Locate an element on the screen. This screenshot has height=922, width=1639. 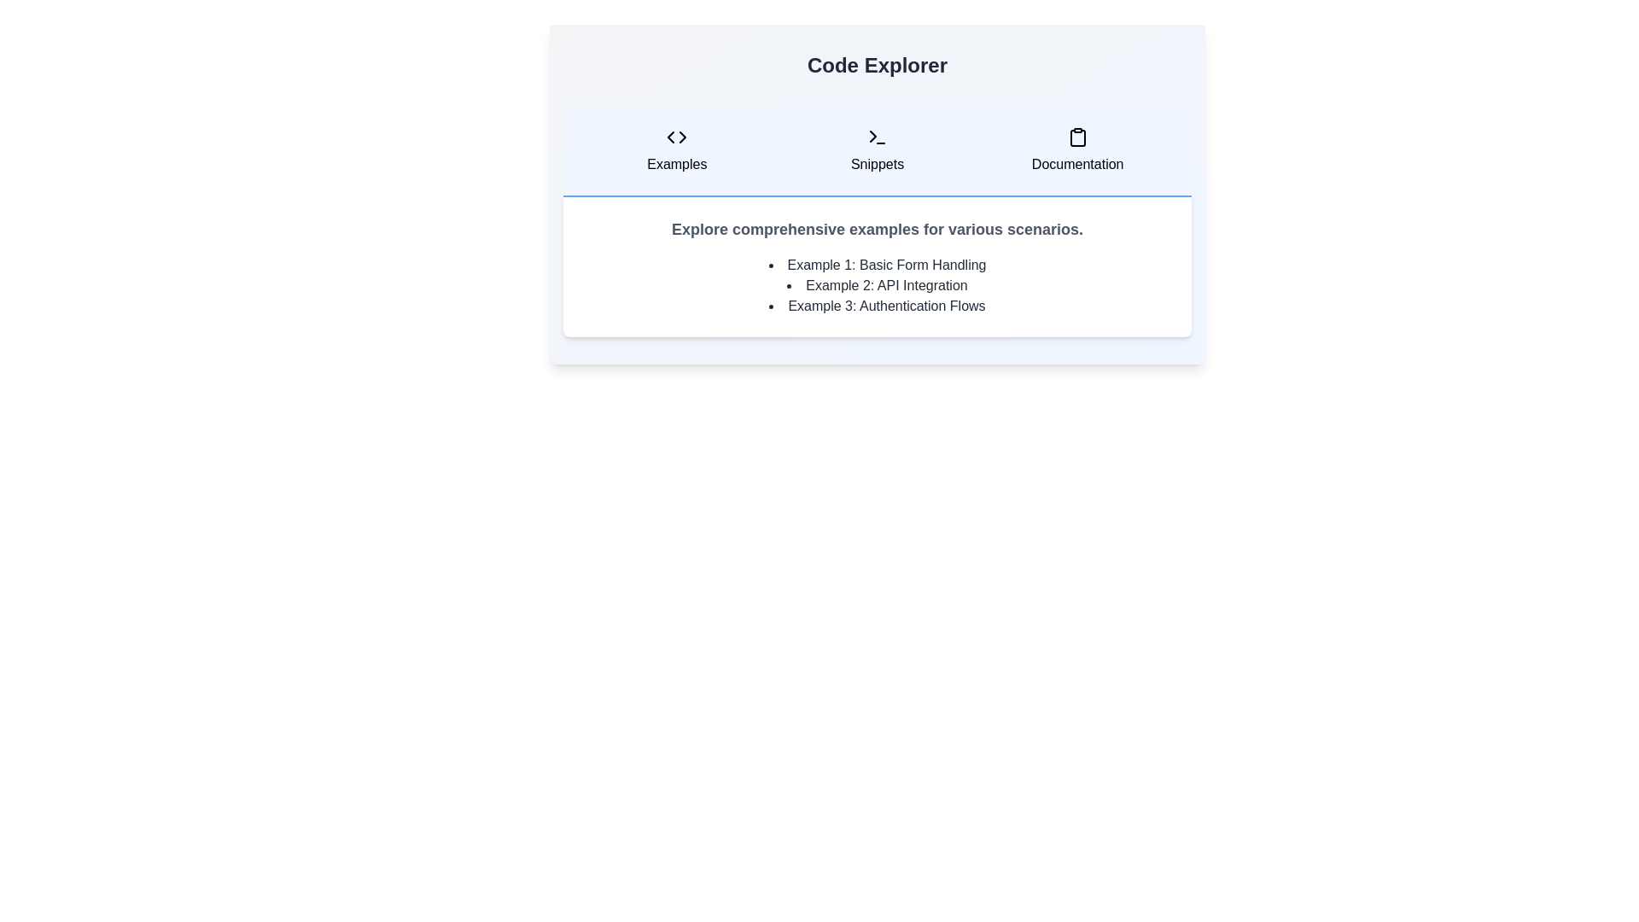
the code symbol icon, which is represented by two triangular shapes pointing outward, located at the center of the 'Examples' tab is located at coordinates (676, 137).